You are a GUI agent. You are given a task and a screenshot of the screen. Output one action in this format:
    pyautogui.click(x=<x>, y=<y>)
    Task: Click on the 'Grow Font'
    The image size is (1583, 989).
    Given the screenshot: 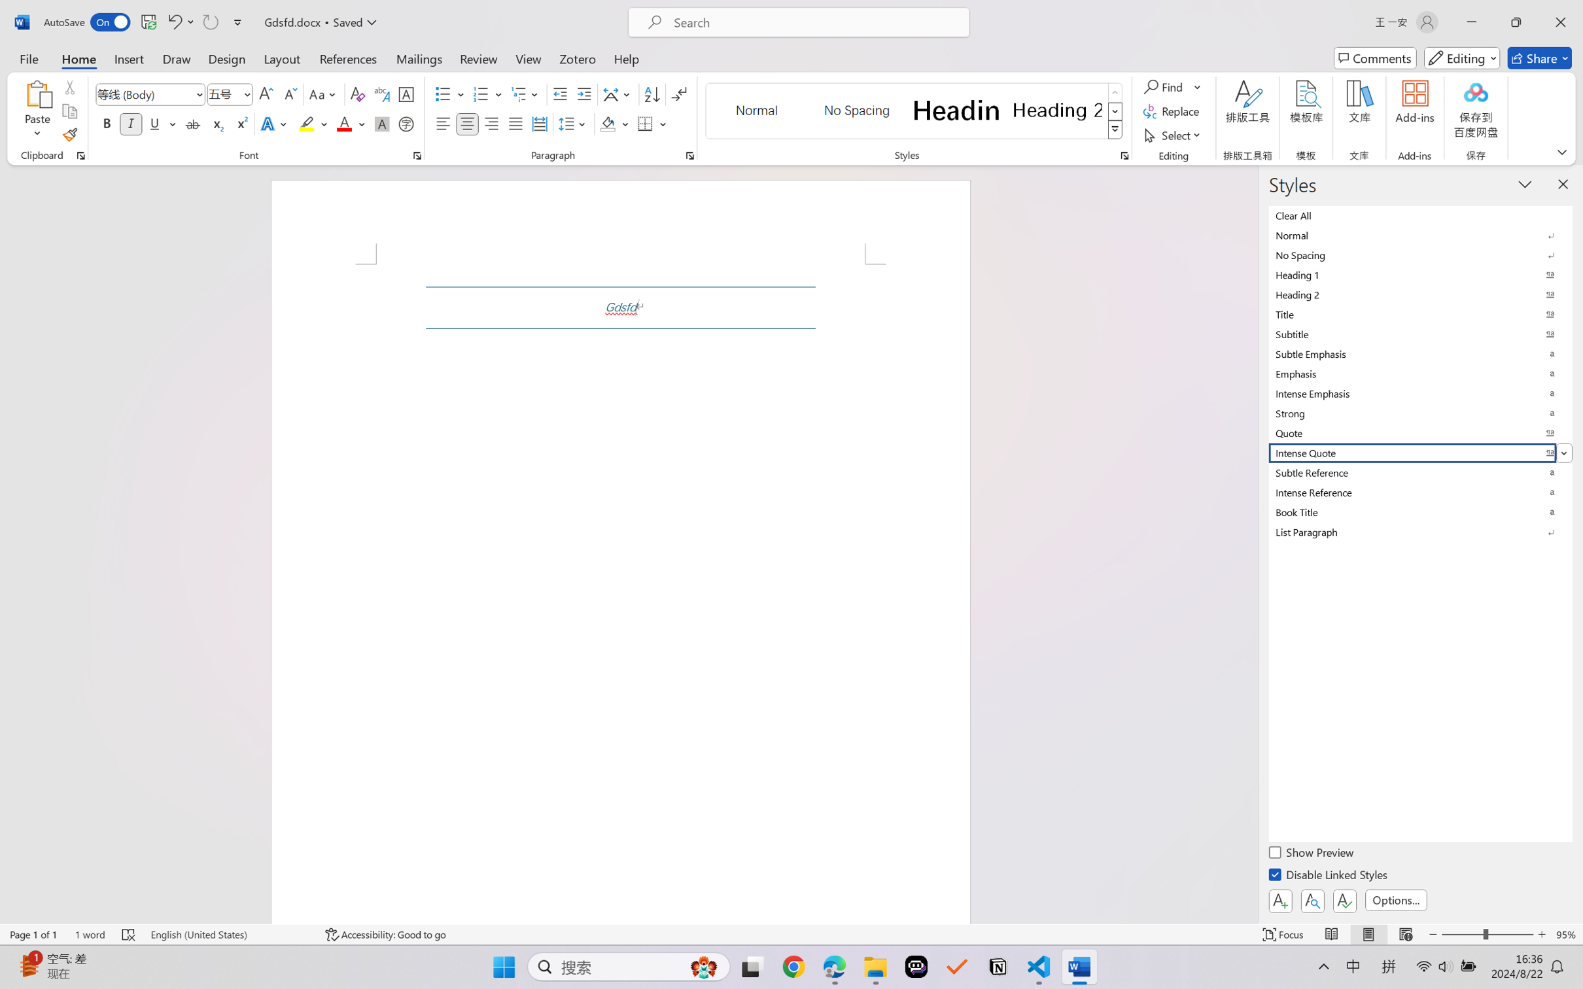 What is the action you would take?
    pyautogui.click(x=266, y=94)
    